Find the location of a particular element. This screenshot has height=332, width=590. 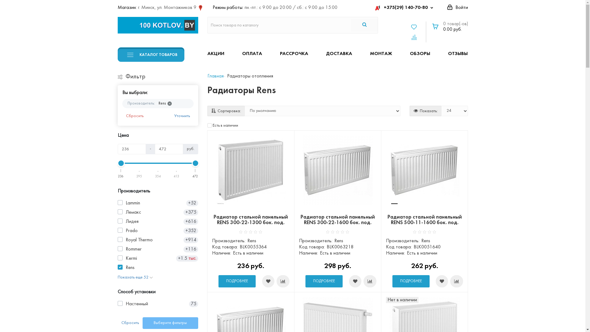

'100kotlov.by' is located at coordinates (158, 25).